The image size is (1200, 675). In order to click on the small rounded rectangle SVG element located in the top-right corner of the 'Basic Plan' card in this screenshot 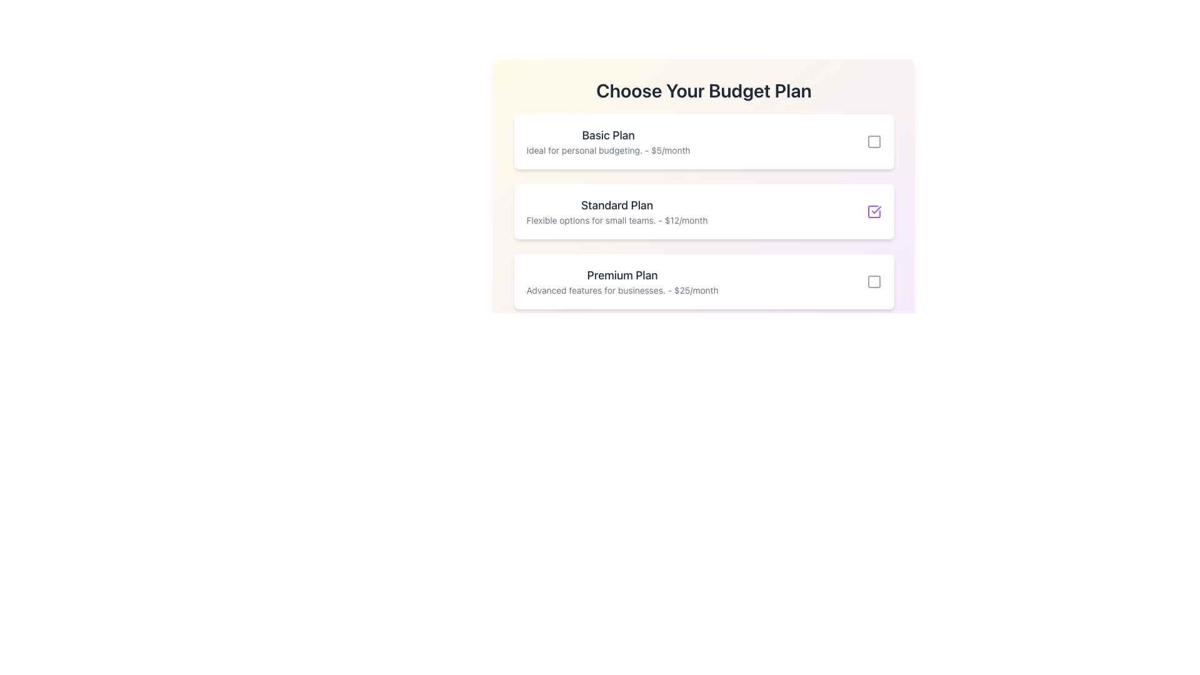, I will do `click(873, 141)`.